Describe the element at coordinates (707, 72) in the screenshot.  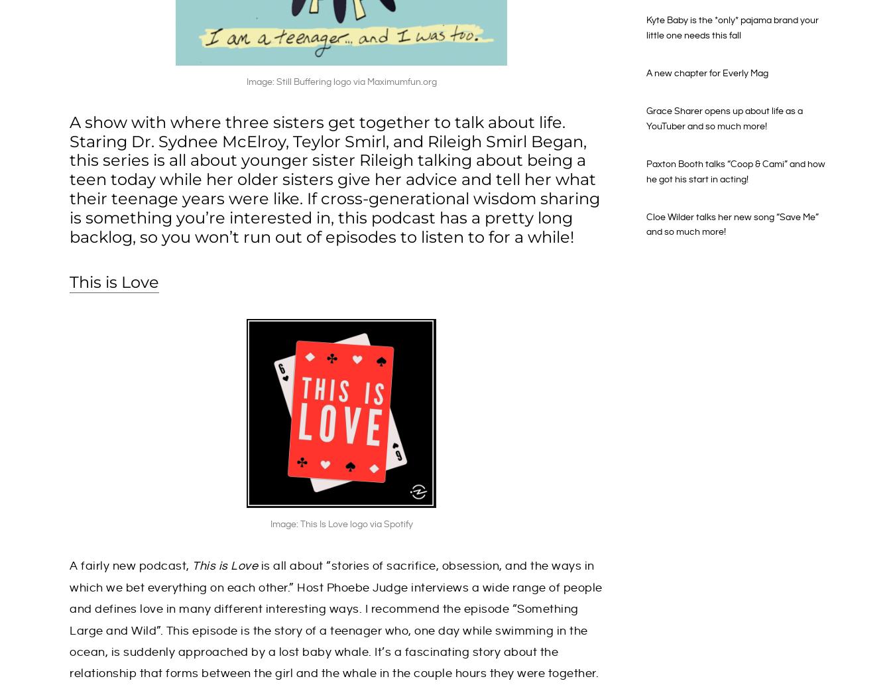
I see `'A new chapter for Everly Mag'` at that location.